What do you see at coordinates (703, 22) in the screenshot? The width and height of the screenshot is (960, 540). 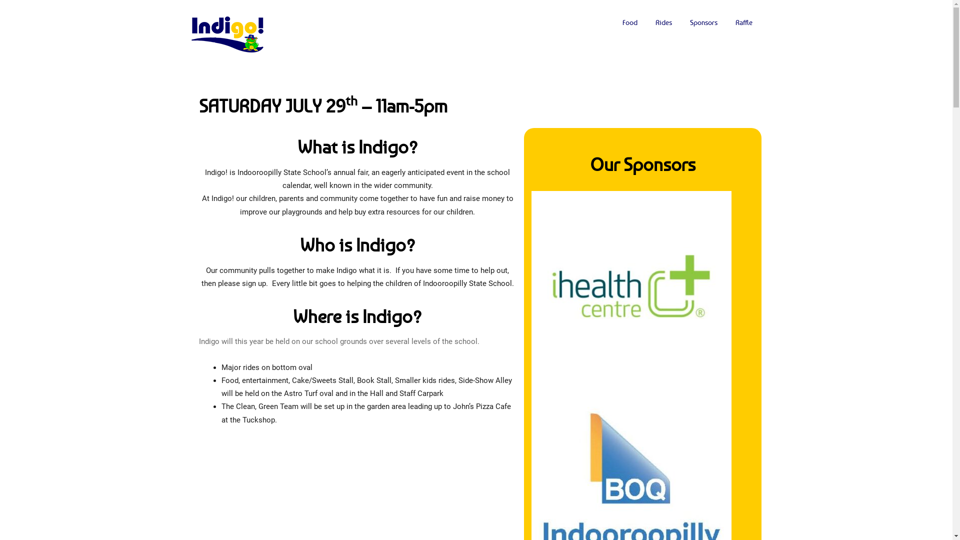 I see `'Sponsors'` at bounding box center [703, 22].